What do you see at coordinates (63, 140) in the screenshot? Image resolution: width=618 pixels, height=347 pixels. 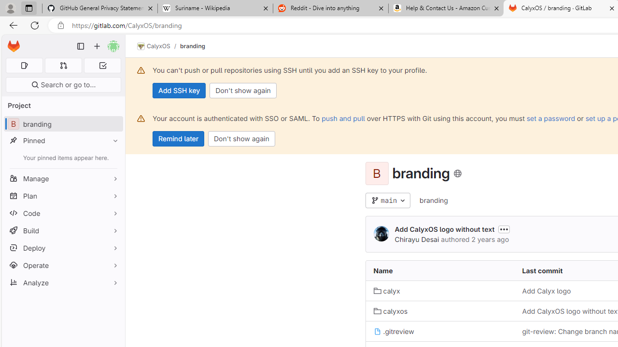 I see `'Pinned'` at bounding box center [63, 140].